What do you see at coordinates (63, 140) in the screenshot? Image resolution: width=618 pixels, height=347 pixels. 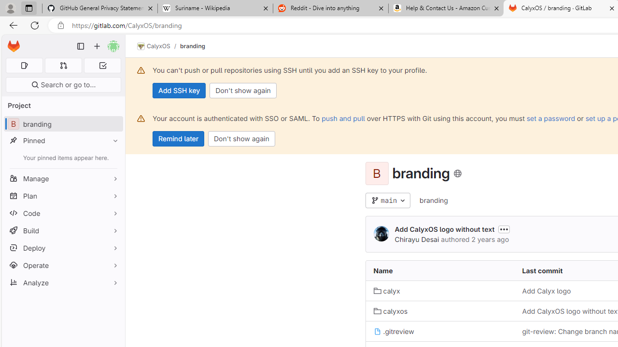 I see `'Pinned'` at bounding box center [63, 140].